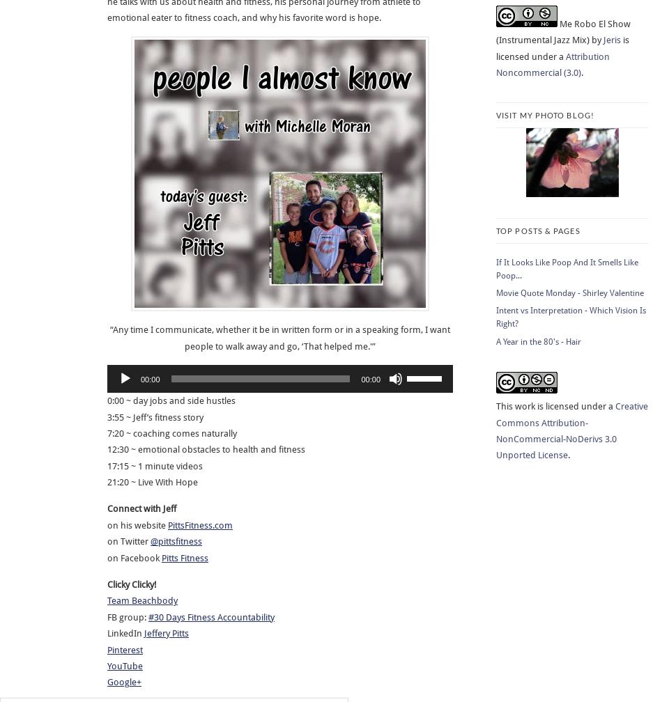 Image resolution: width=669 pixels, height=702 pixels. What do you see at coordinates (567, 268) in the screenshot?
I see `'If It Looks Like Poop And It Smells Like Poop...'` at bounding box center [567, 268].